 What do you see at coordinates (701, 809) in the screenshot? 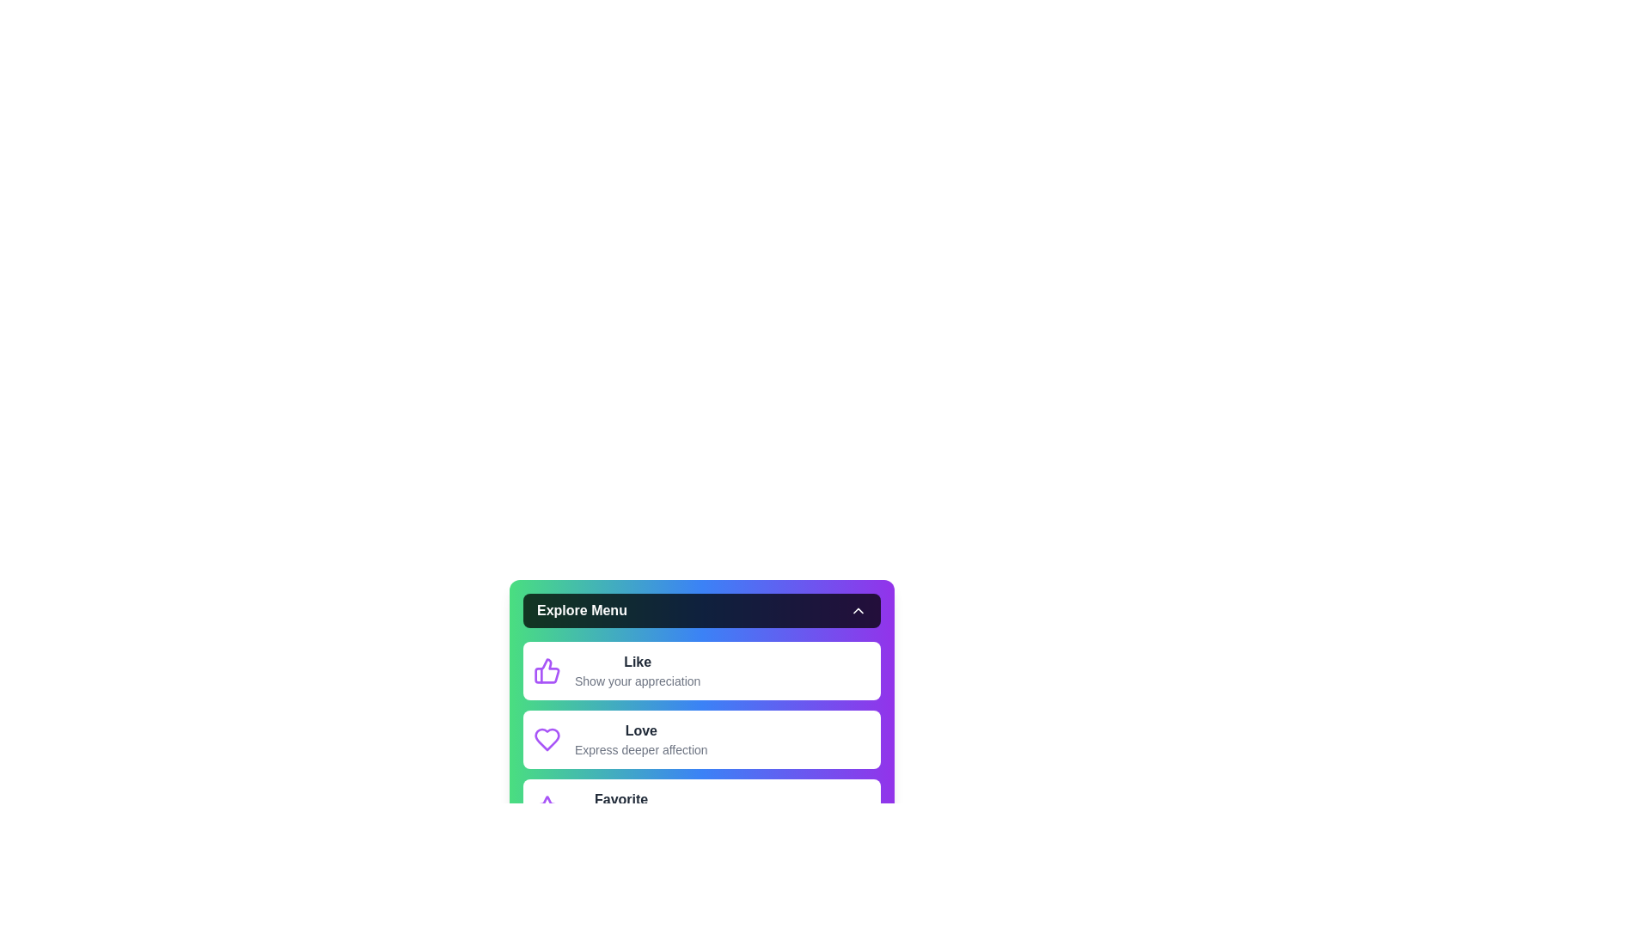
I see `the menu option Favorite to view its description` at bounding box center [701, 809].